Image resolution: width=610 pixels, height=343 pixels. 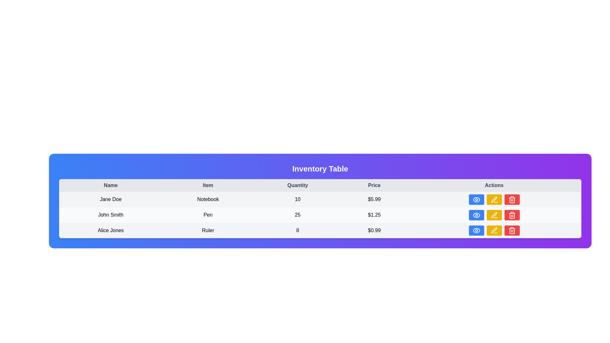 What do you see at coordinates (297, 199) in the screenshot?
I see `on the text field displaying '10' in the 'Quantity' column under the entry 'Jane Doe'` at bounding box center [297, 199].